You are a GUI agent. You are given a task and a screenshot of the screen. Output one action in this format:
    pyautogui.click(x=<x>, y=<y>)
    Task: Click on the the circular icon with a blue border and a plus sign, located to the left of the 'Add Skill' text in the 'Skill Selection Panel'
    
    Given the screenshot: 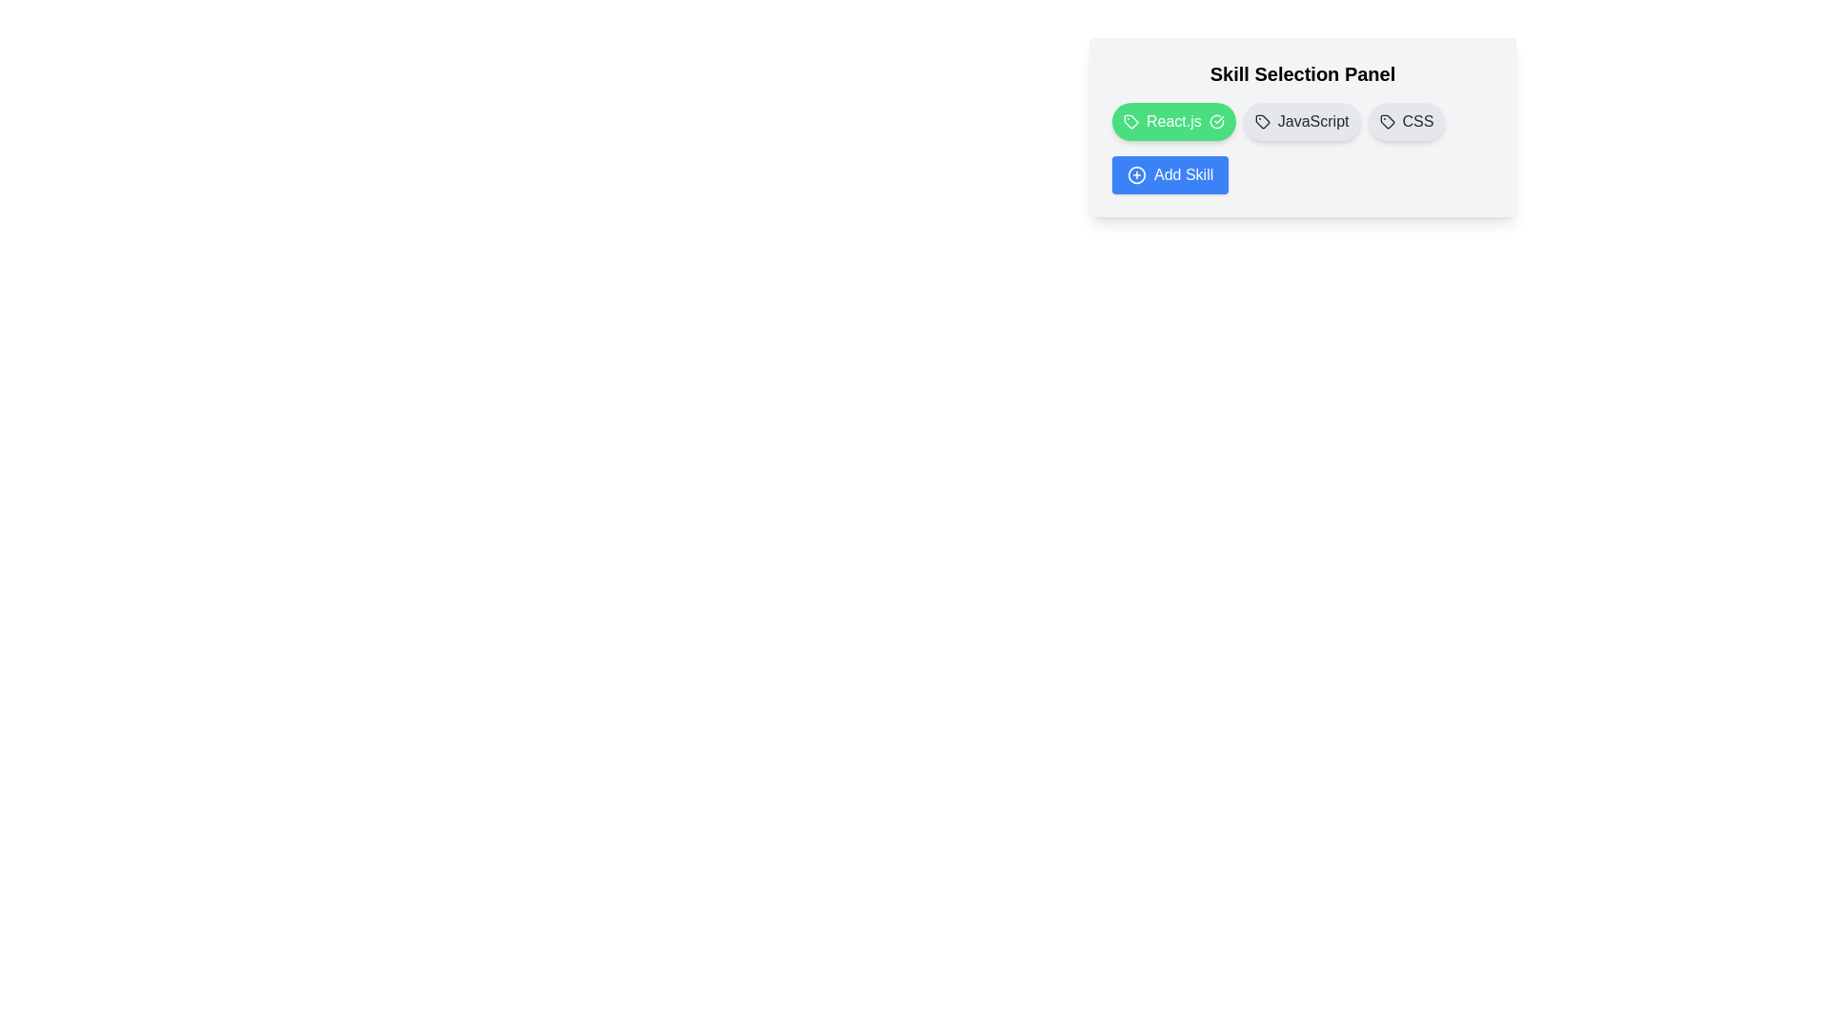 What is the action you would take?
    pyautogui.click(x=1137, y=175)
    